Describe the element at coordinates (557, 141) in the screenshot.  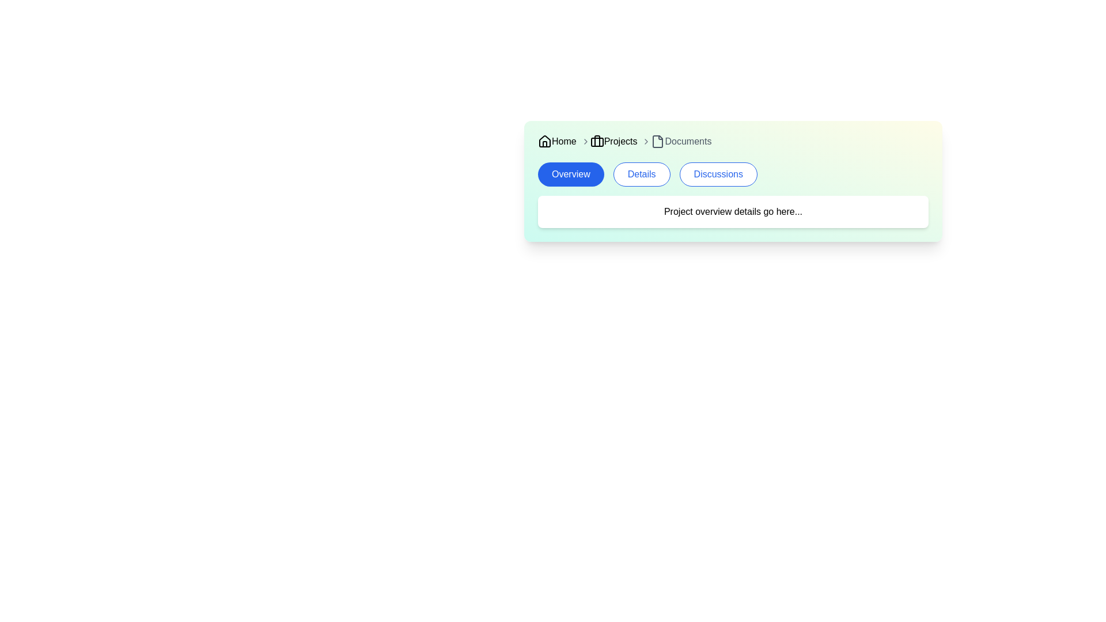
I see `the 'Home' breadcrumb navigation link, which features a minimalist black outline house icon followed by the text 'Home'` at that location.